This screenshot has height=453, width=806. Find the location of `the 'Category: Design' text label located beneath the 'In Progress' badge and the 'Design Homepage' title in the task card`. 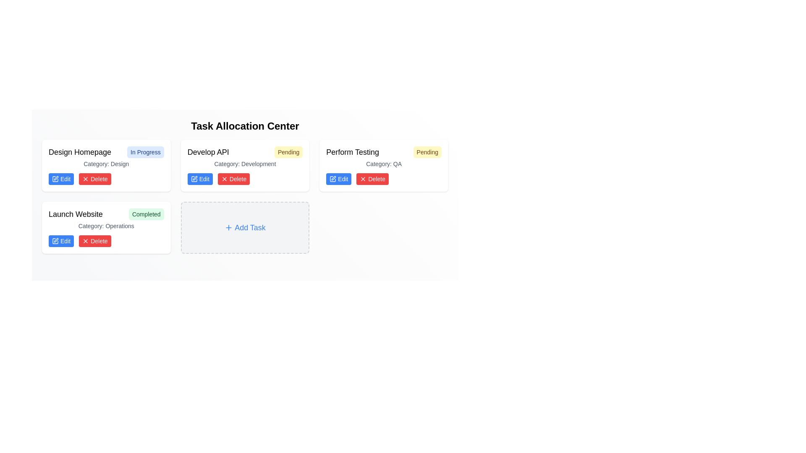

the 'Category: Design' text label located beneath the 'In Progress' badge and the 'Design Homepage' title in the task card is located at coordinates (106, 164).